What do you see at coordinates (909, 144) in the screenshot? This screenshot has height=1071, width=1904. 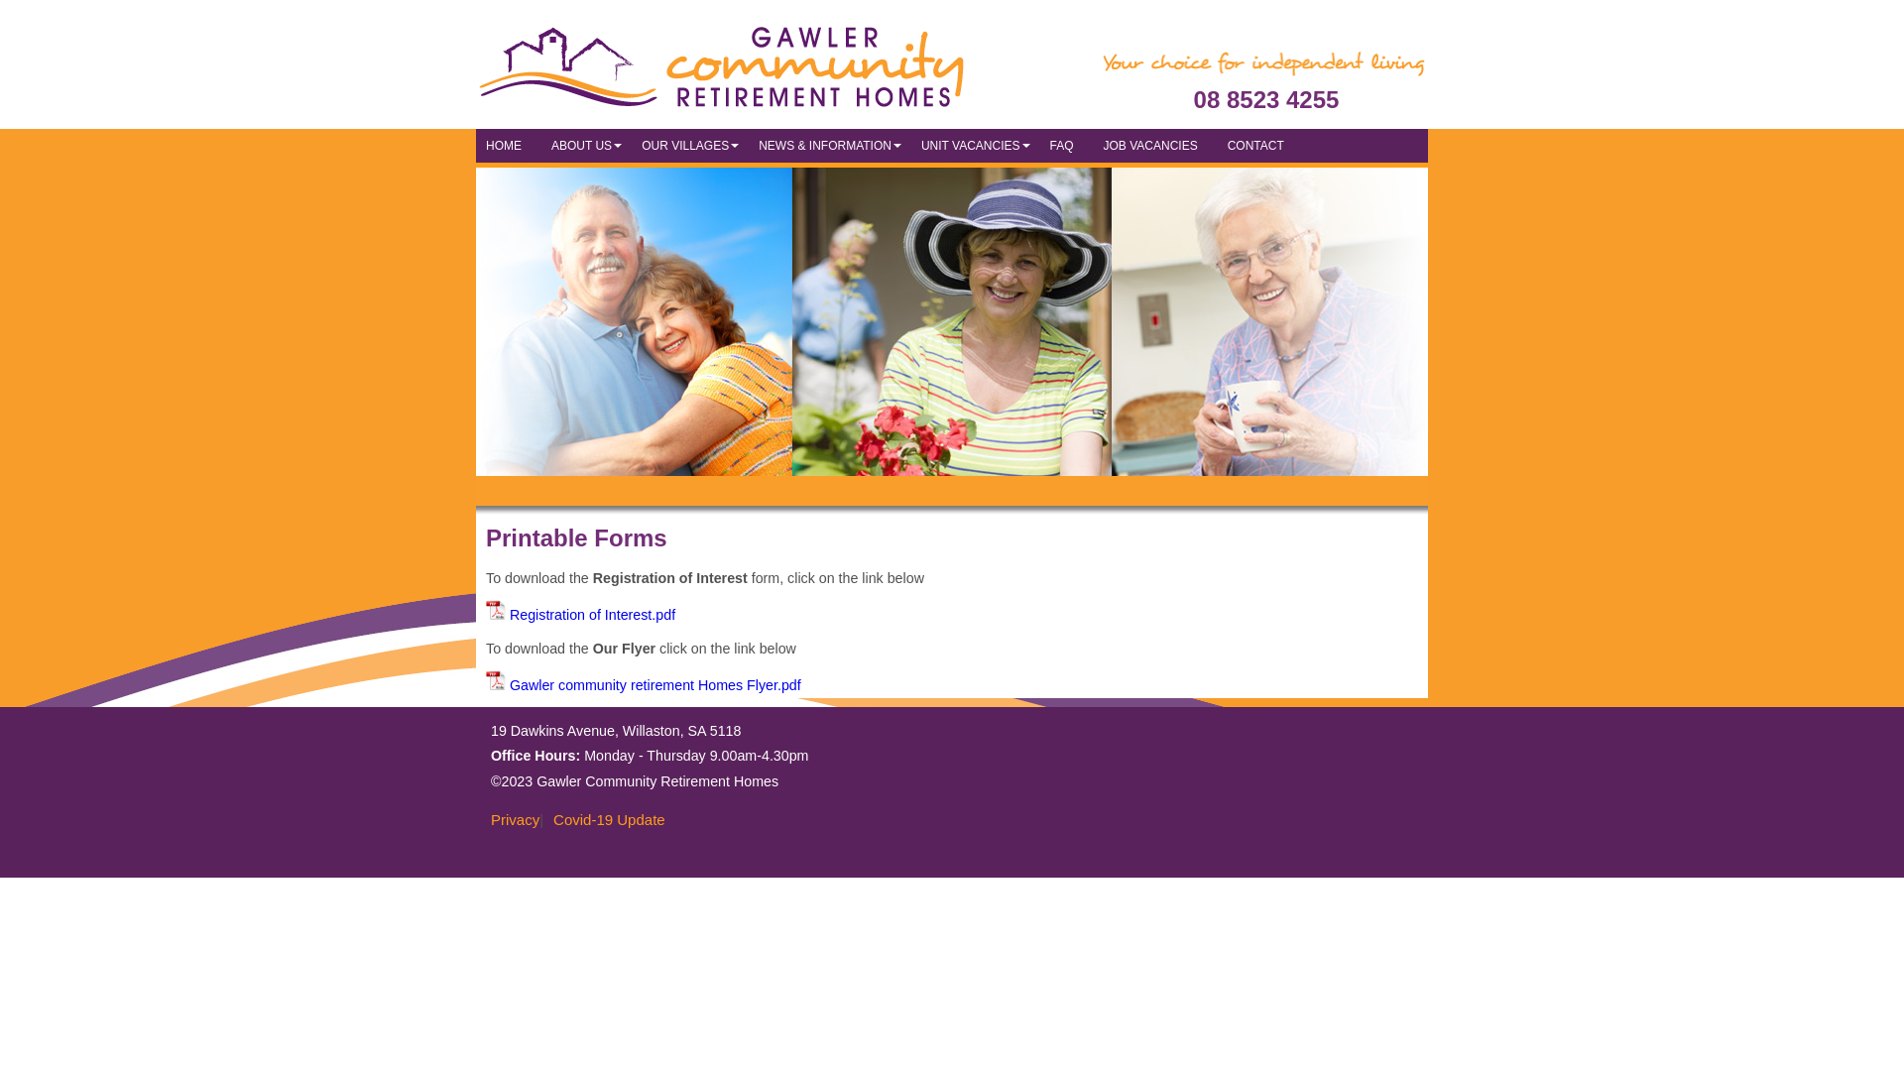 I see `'UNIT VACANCIES'` at bounding box center [909, 144].